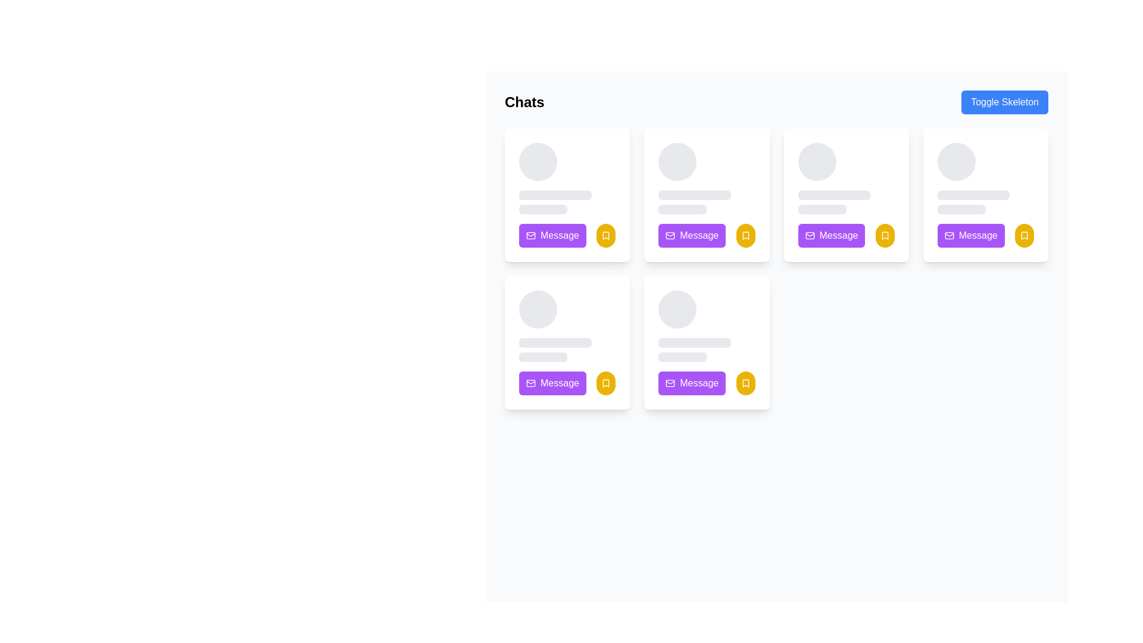  What do you see at coordinates (606, 236) in the screenshot?
I see `the bookmark icon located at the bottom-right corner of the user card with a yellow circular button` at bounding box center [606, 236].